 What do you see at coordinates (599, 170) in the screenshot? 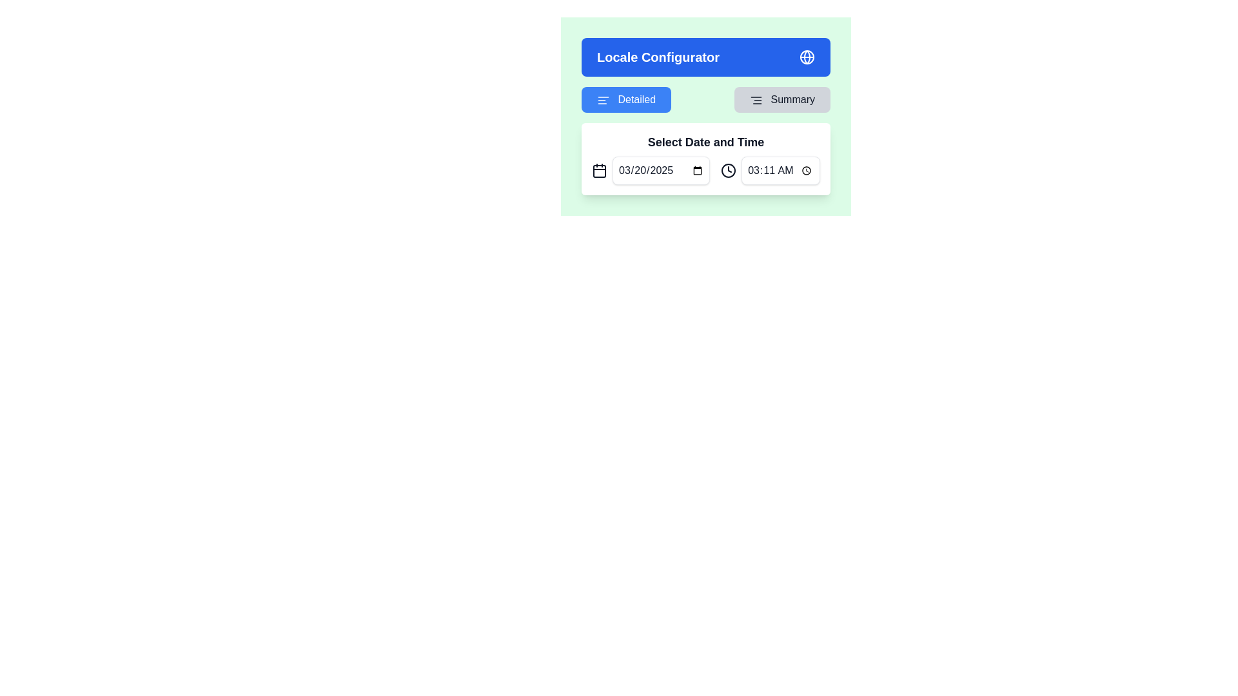
I see `the small calendar icon with rounded corners, which is the leftmost element before the date input field under the 'Select Date and Time' label` at bounding box center [599, 170].